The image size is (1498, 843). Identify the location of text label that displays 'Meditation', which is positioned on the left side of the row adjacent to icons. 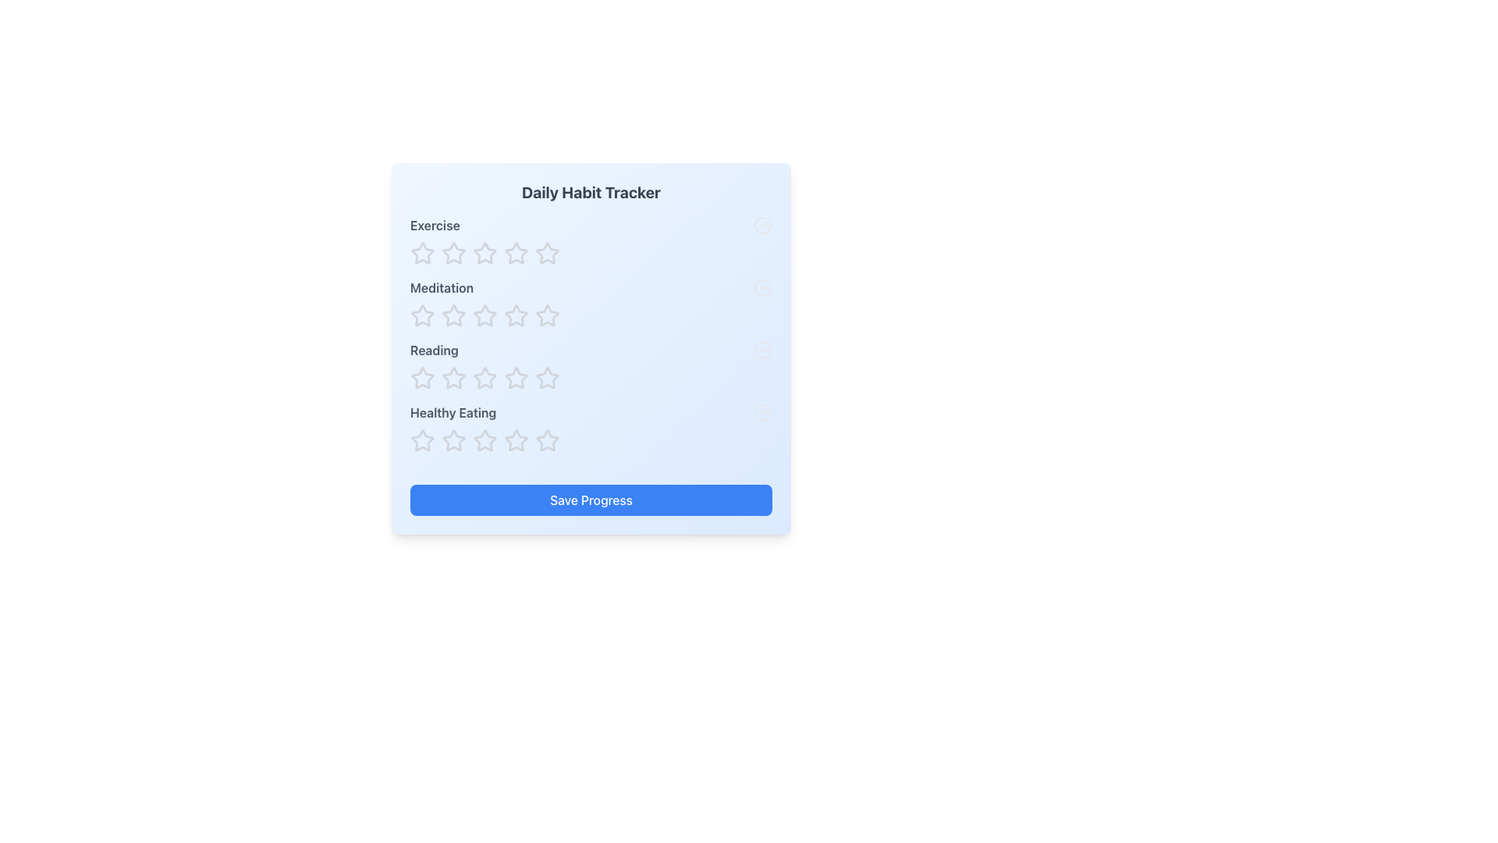
(441, 288).